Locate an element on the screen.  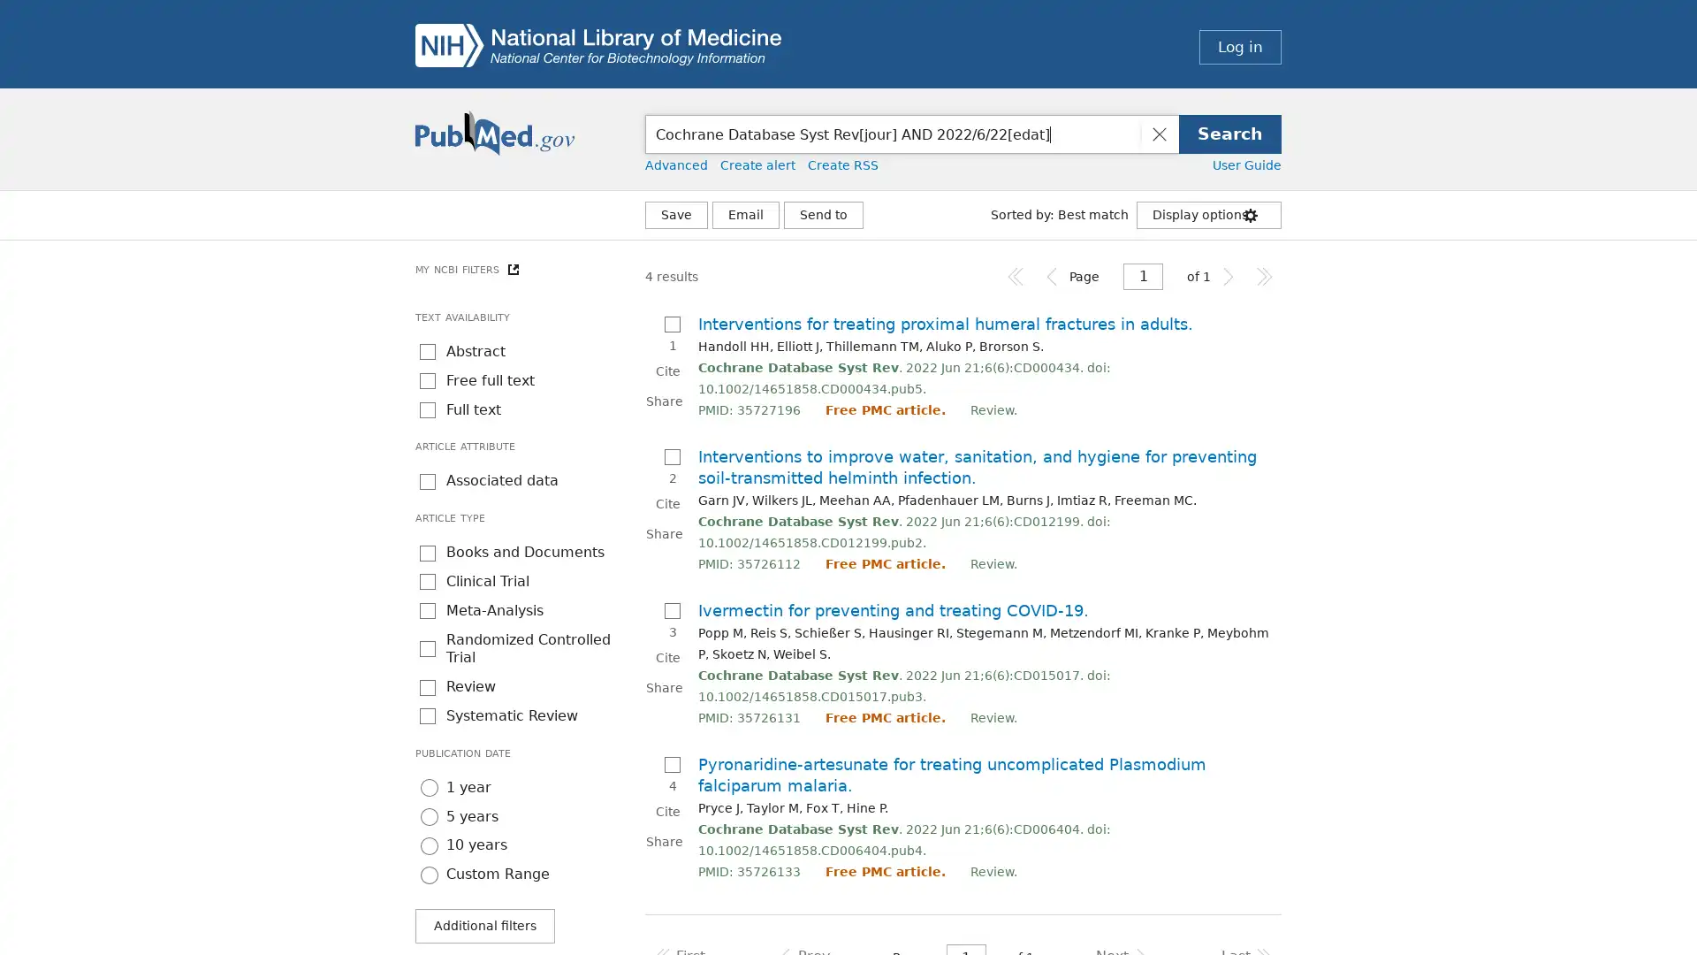
Navigates to the next page of results. is located at coordinates (1228, 276).